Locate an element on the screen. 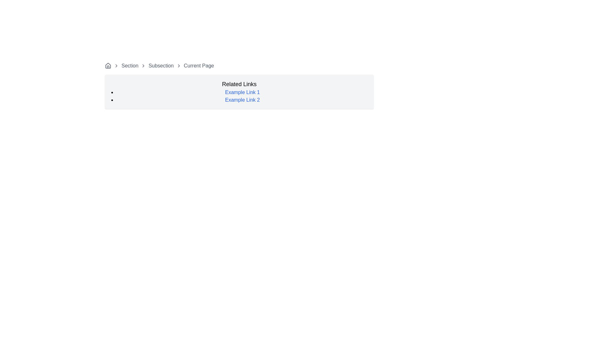 This screenshot has height=342, width=609. the current page text label in the breadcrumb navigation, which is the last text component in the sequence, indicating the user's current location is located at coordinates (199, 66).